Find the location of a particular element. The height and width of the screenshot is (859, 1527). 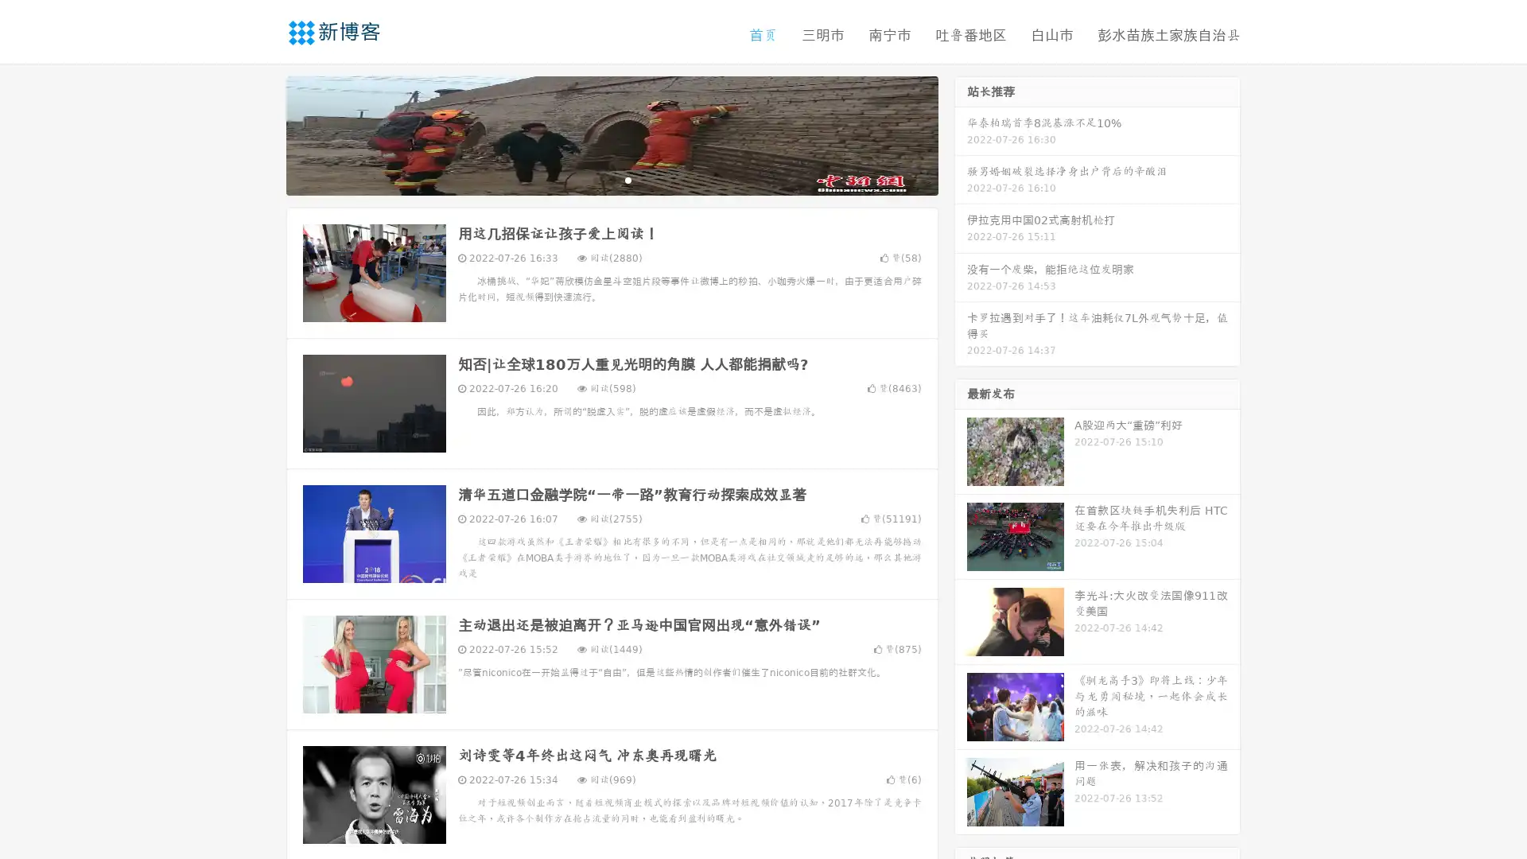

Go to slide 1 is located at coordinates (595, 179).